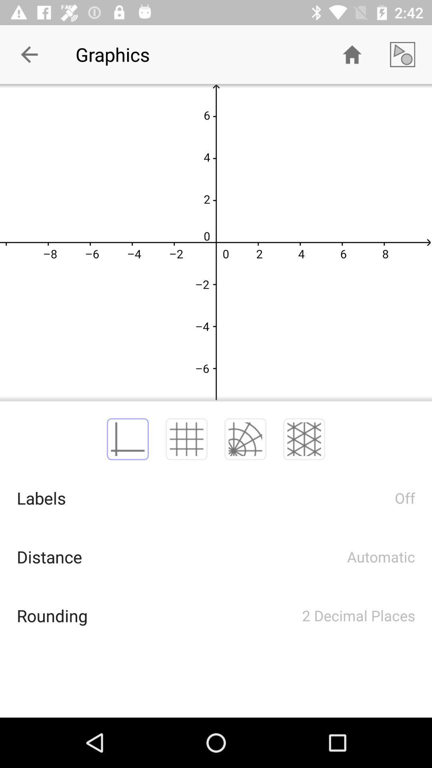  What do you see at coordinates (304, 439) in the screenshot?
I see `the item above the 2 decimal places` at bounding box center [304, 439].